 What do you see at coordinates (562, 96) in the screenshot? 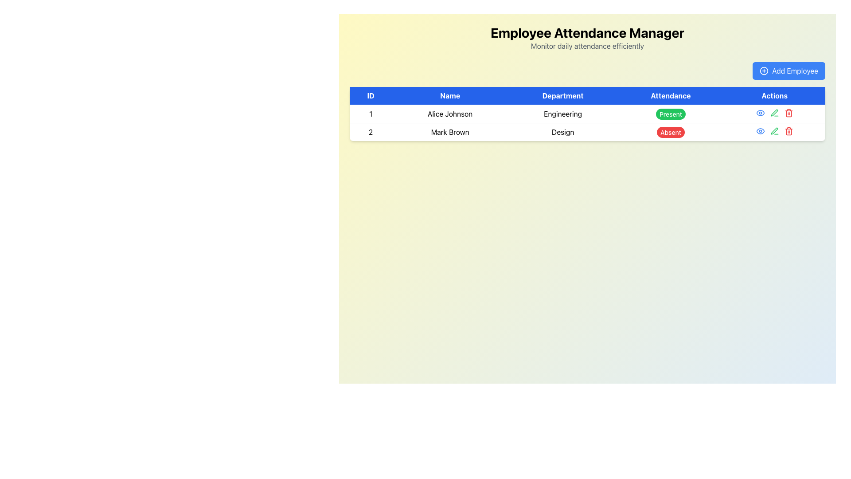
I see `the blue rectangular button-like Table Header labeled 'Department', which is the third header in a row of five, positioned between 'Name' and 'Attendance'` at bounding box center [562, 96].